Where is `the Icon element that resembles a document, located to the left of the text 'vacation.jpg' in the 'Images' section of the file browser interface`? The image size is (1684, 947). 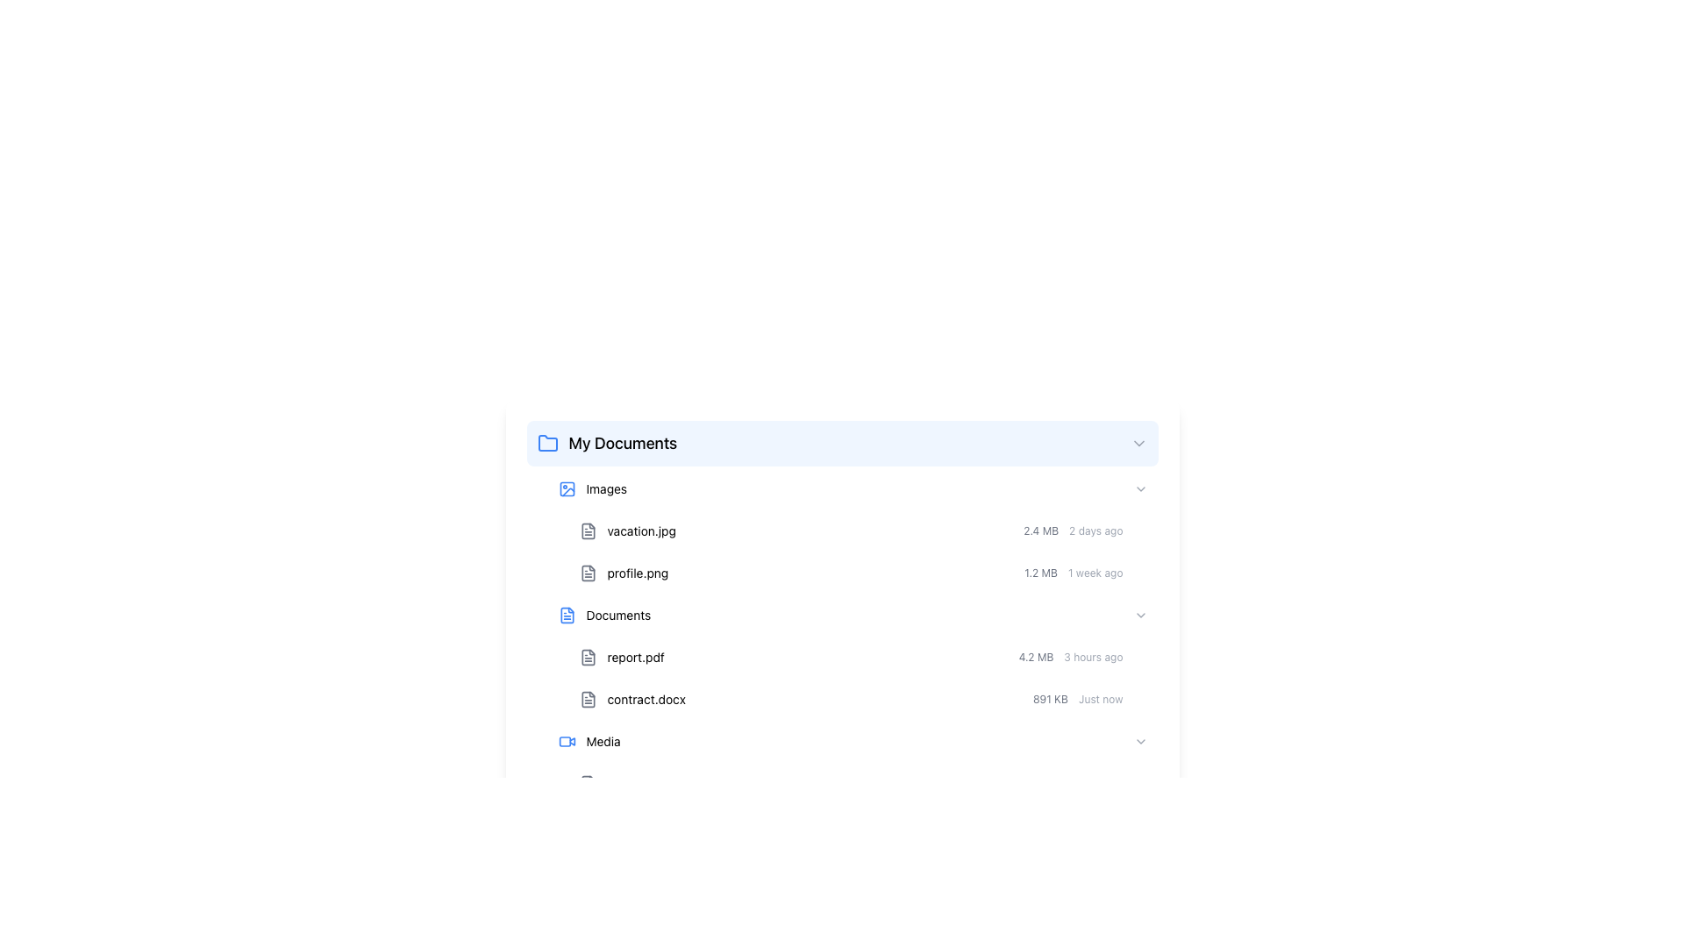 the Icon element that resembles a document, located to the left of the text 'vacation.jpg' in the 'Images' section of the file browser interface is located at coordinates (588, 530).